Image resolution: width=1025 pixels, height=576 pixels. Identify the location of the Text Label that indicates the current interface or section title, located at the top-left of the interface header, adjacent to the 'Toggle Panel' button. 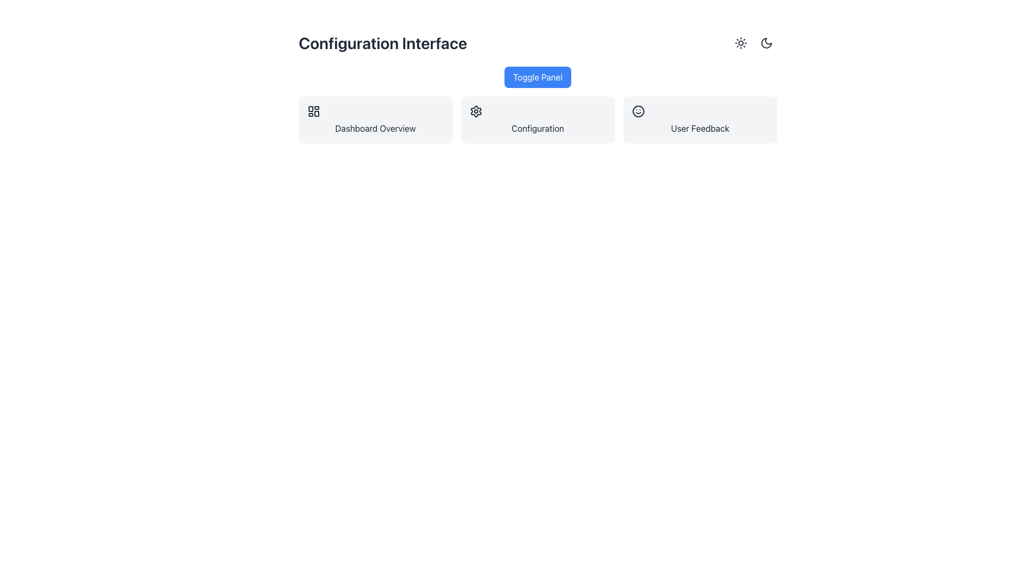
(383, 43).